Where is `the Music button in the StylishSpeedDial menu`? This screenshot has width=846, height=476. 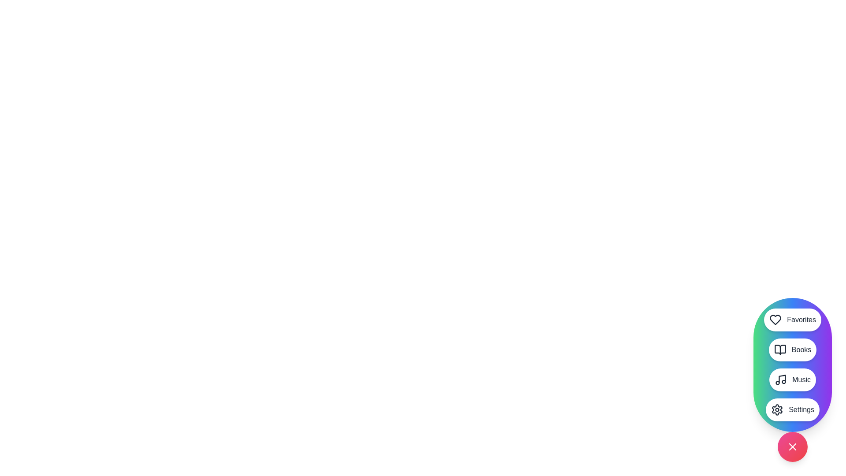 the Music button in the StylishSpeedDial menu is located at coordinates (793, 379).